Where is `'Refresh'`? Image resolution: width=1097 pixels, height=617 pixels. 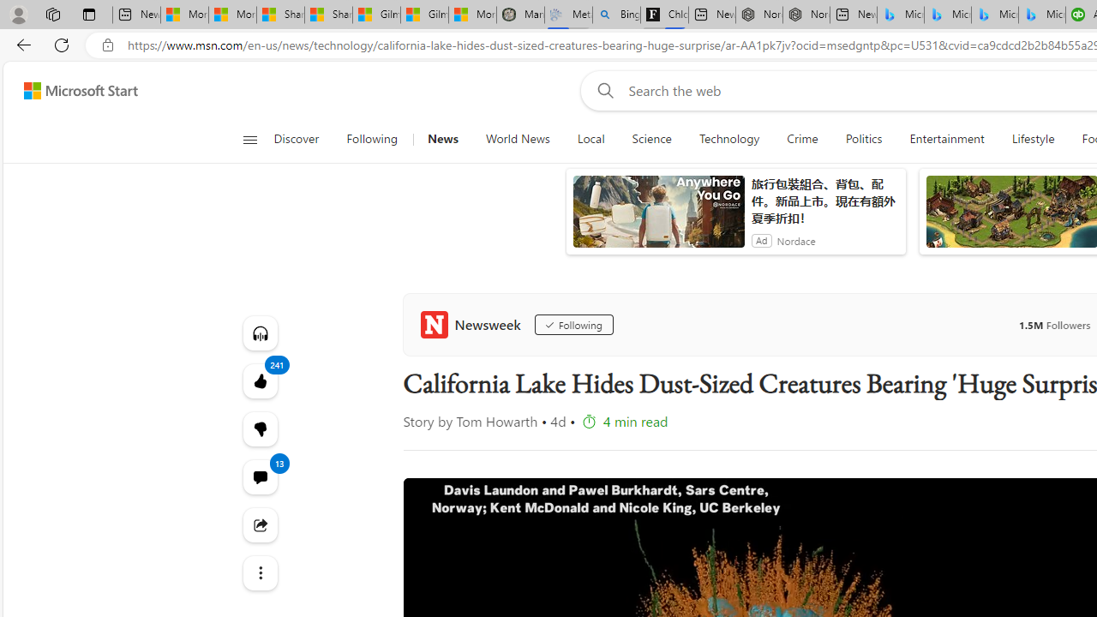
'Refresh' is located at coordinates (62, 44).